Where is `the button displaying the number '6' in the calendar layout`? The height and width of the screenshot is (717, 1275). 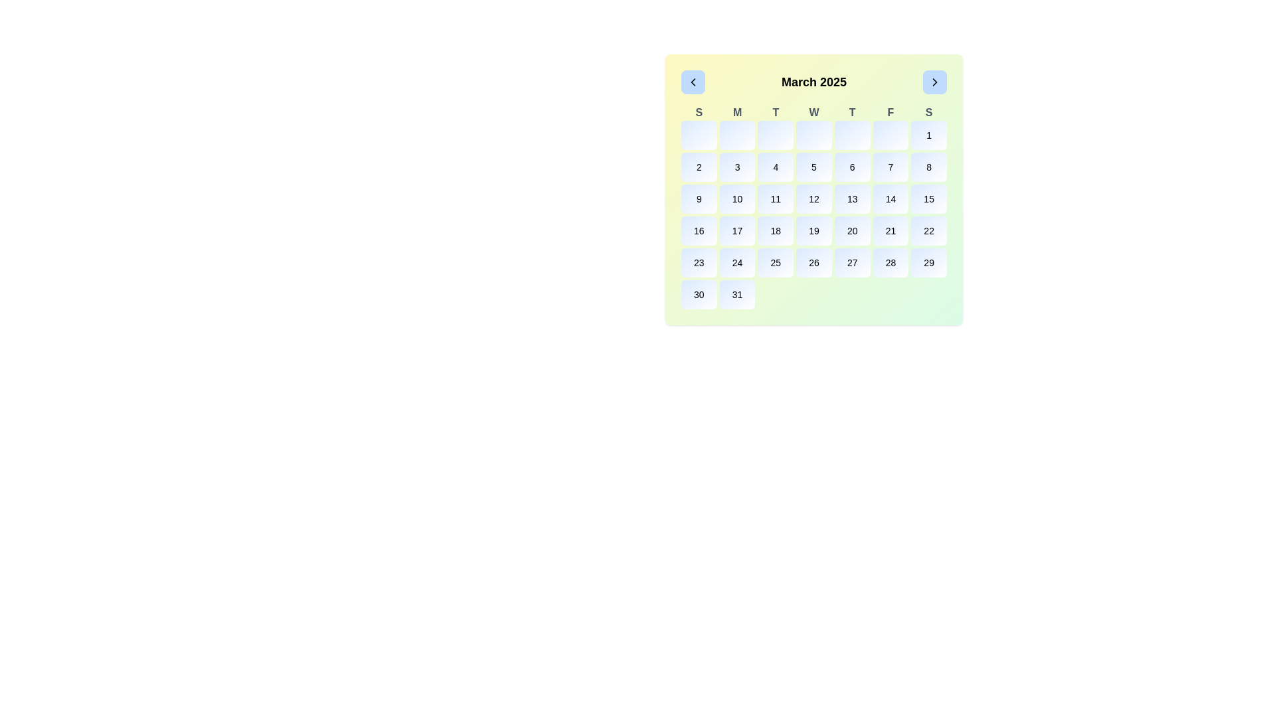
the button displaying the number '6' in the calendar layout is located at coordinates (852, 166).